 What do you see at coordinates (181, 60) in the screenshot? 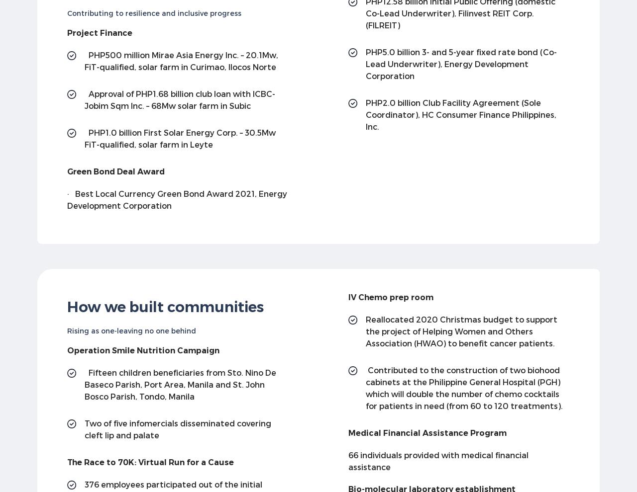
I see `'PHP500 million Mirae Asia Energy Inc. – 20.1Mw, FiT-qualified, solar farm in Curimao, Ilocos Norte'` at bounding box center [181, 60].